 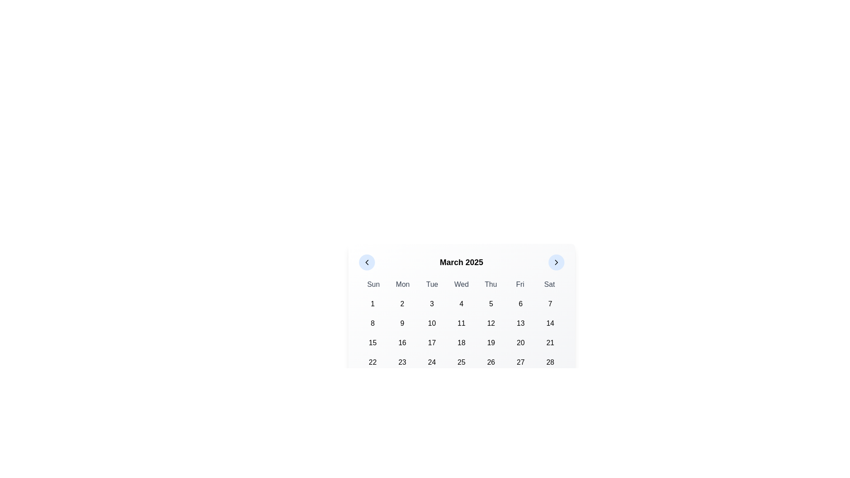 I want to click on the cell displaying '27' in the last row of the calendar grid under the 'Fri' column, so click(x=521, y=362).